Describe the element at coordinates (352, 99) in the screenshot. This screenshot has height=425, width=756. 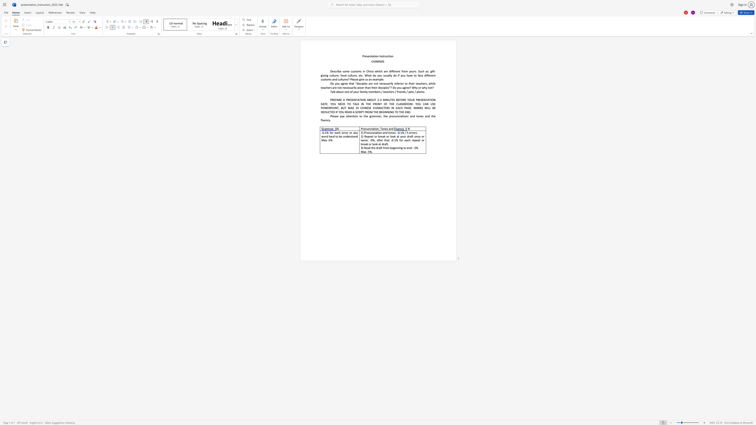
I see `the subset text "ENTATION AB" within the text "PREPARE A PRESENTATION ABOUT 2"` at that location.